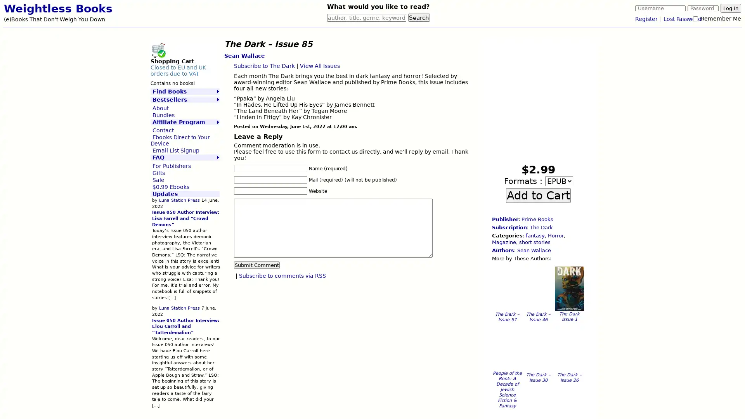 Image resolution: width=745 pixels, height=419 pixels. What do you see at coordinates (730, 8) in the screenshot?
I see `Log In` at bounding box center [730, 8].